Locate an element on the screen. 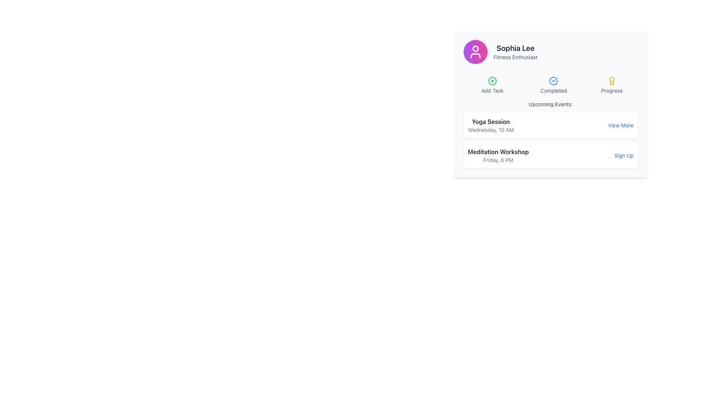 This screenshot has width=723, height=407. the 'Sign Up' interactive link styled in blue with an underline on hover, located at the far right of the 'Meditation Workshop' card is located at coordinates (624, 155).